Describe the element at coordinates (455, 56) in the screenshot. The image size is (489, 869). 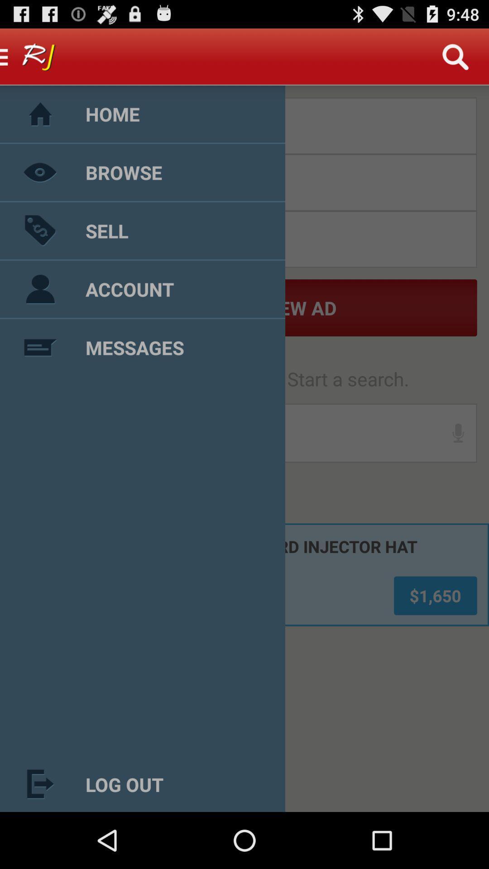
I see `search icon on the top right of the web page` at that location.